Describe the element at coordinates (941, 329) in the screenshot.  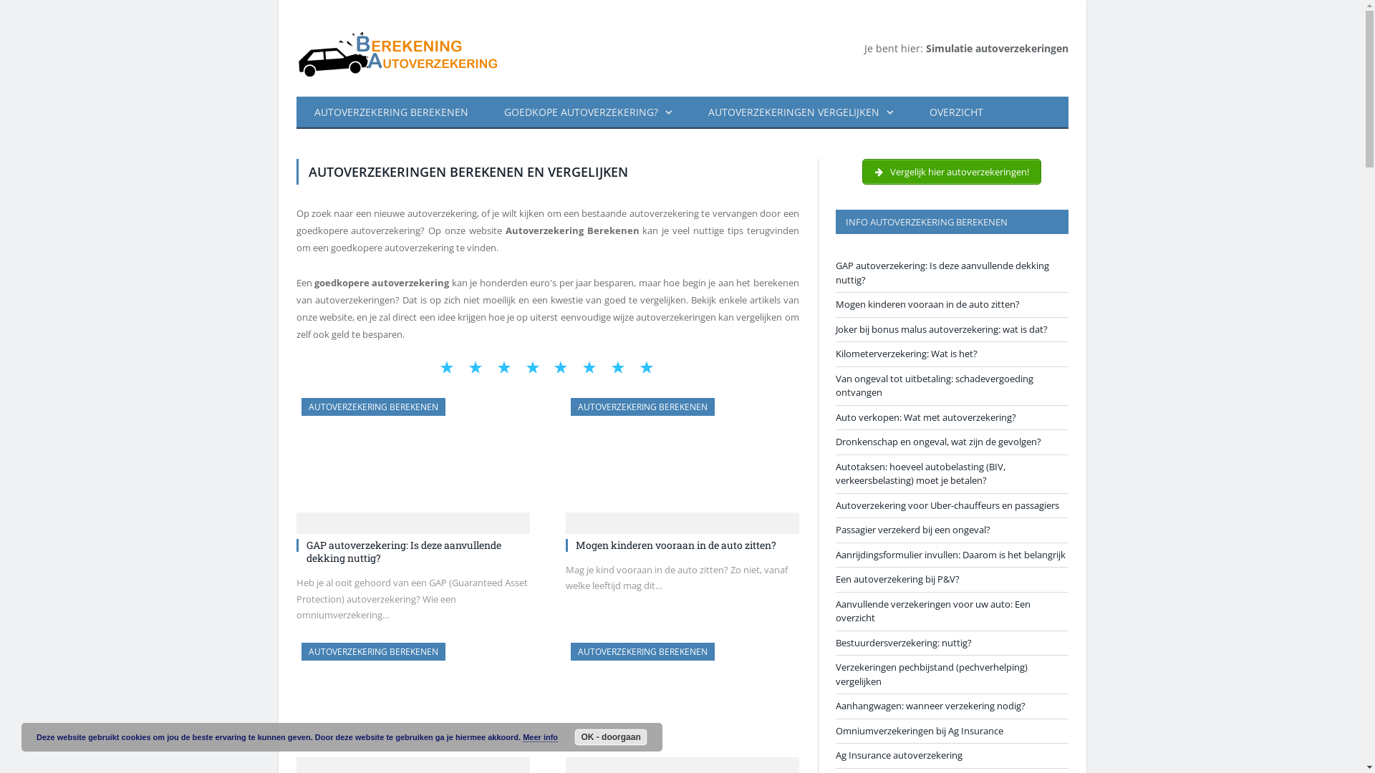
I see `'Joker bij bonus malus autoverzekering: wat is dat?'` at that location.